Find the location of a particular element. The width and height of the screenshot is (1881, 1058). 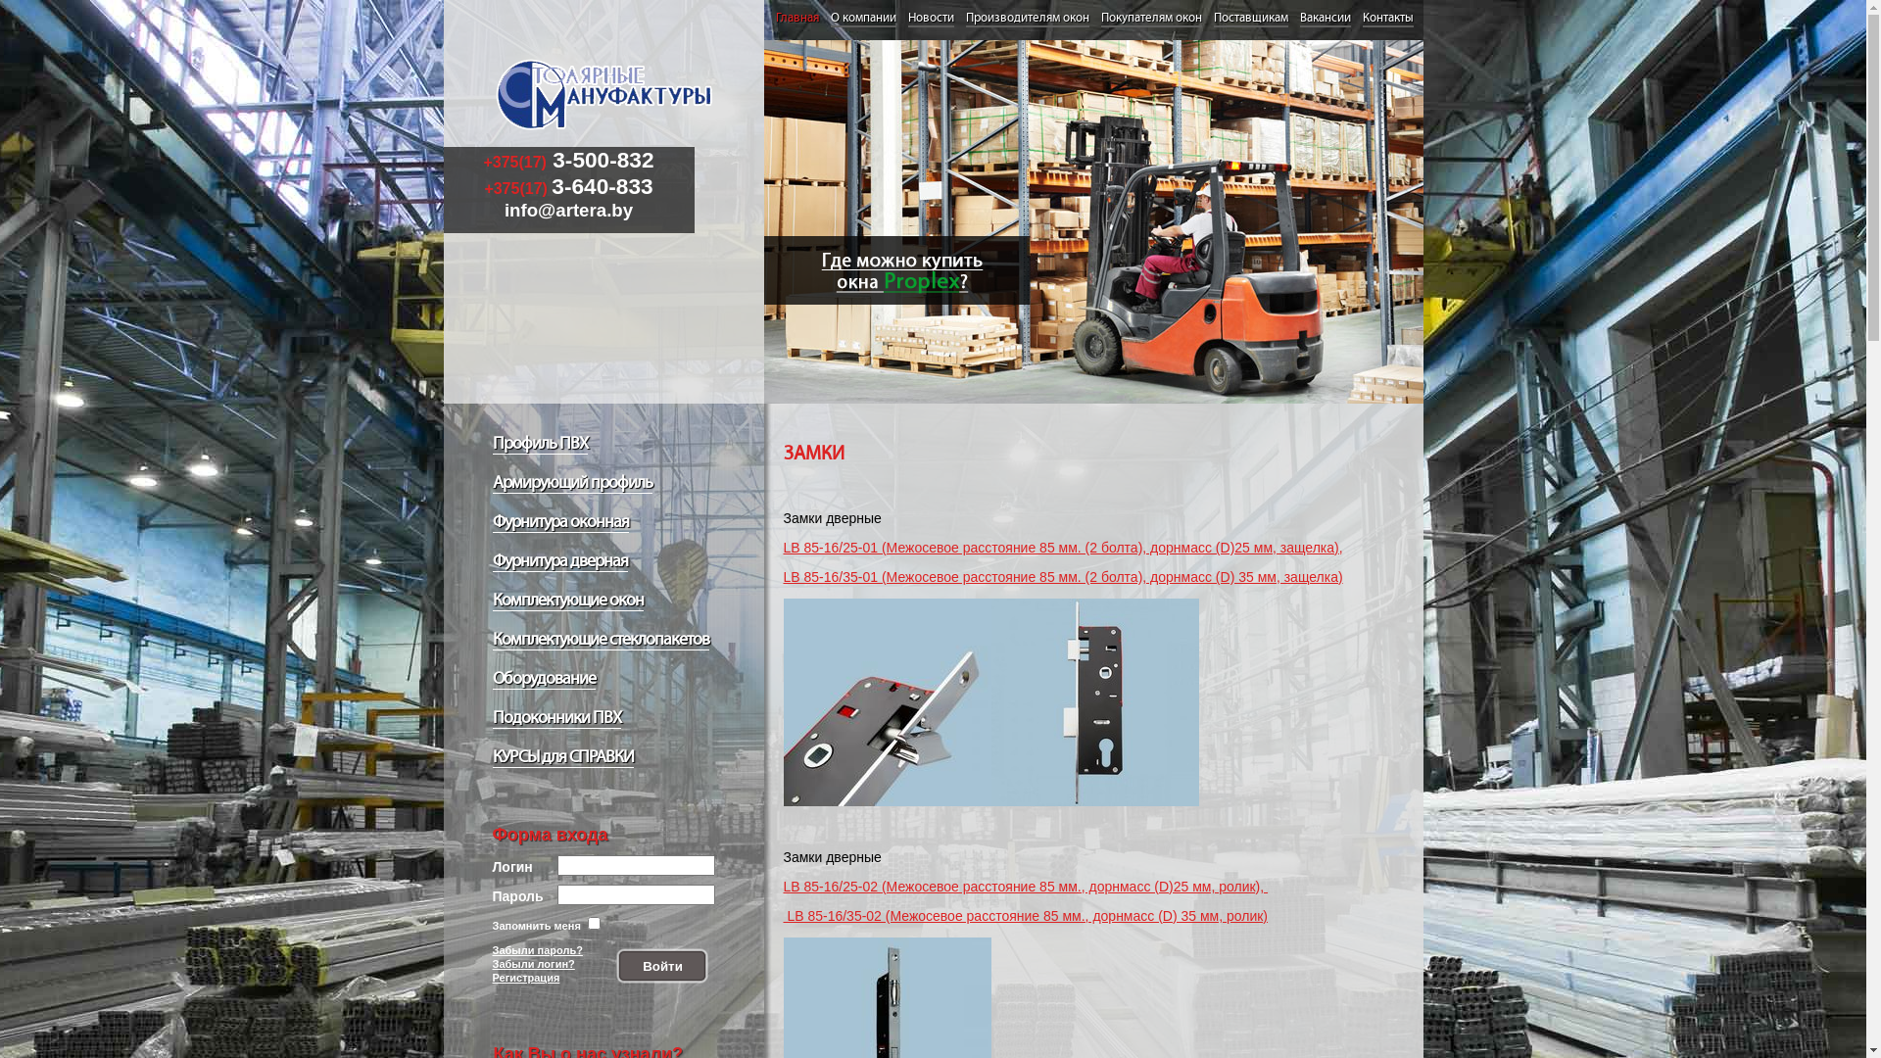

'info@artera.by' is located at coordinates (504, 210).